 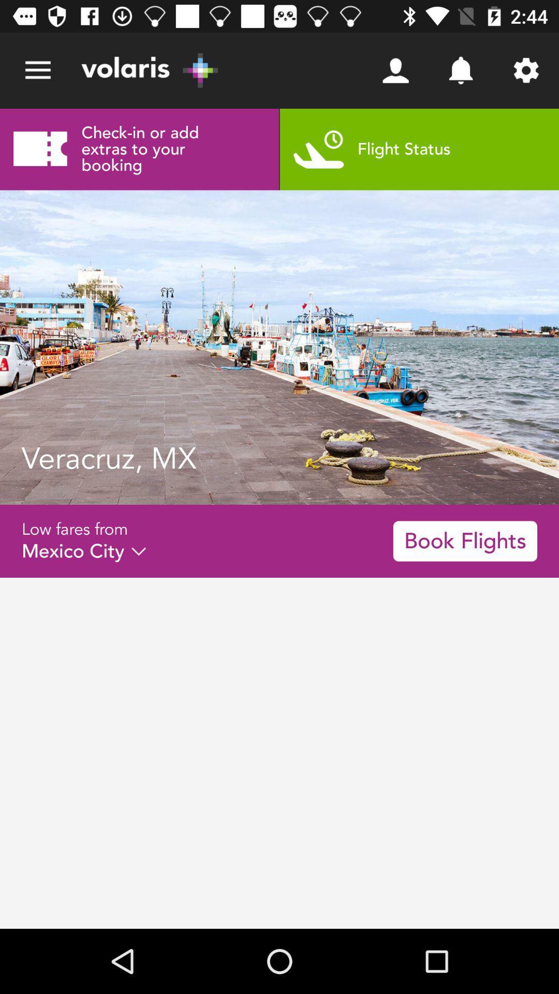 What do you see at coordinates (150, 70) in the screenshot?
I see `text volaris which is after the menu symbol` at bounding box center [150, 70].